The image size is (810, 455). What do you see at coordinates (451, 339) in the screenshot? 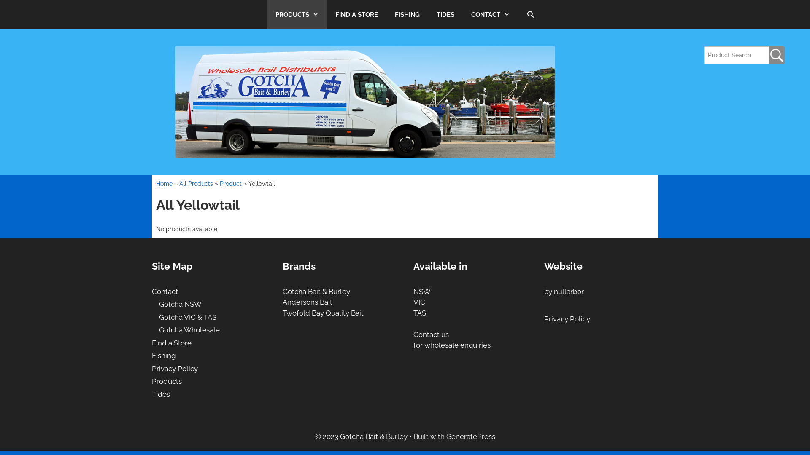
I see `'Contact us` at bounding box center [451, 339].